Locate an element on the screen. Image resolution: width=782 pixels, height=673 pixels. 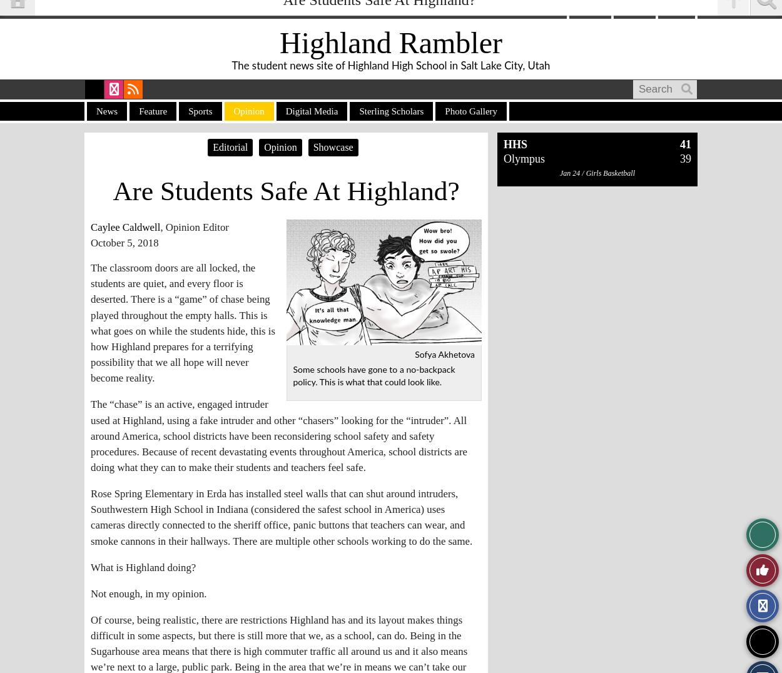
'Highland Rambler' is located at coordinates (390, 43).